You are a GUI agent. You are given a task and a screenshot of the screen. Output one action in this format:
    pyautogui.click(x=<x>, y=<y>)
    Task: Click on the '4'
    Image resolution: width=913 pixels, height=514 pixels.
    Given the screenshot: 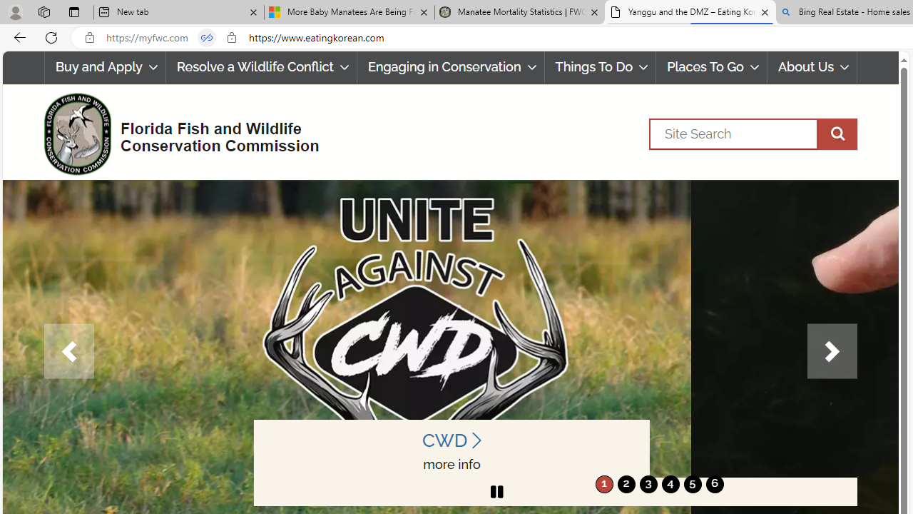 What is the action you would take?
    pyautogui.click(x=670, y=483)
    